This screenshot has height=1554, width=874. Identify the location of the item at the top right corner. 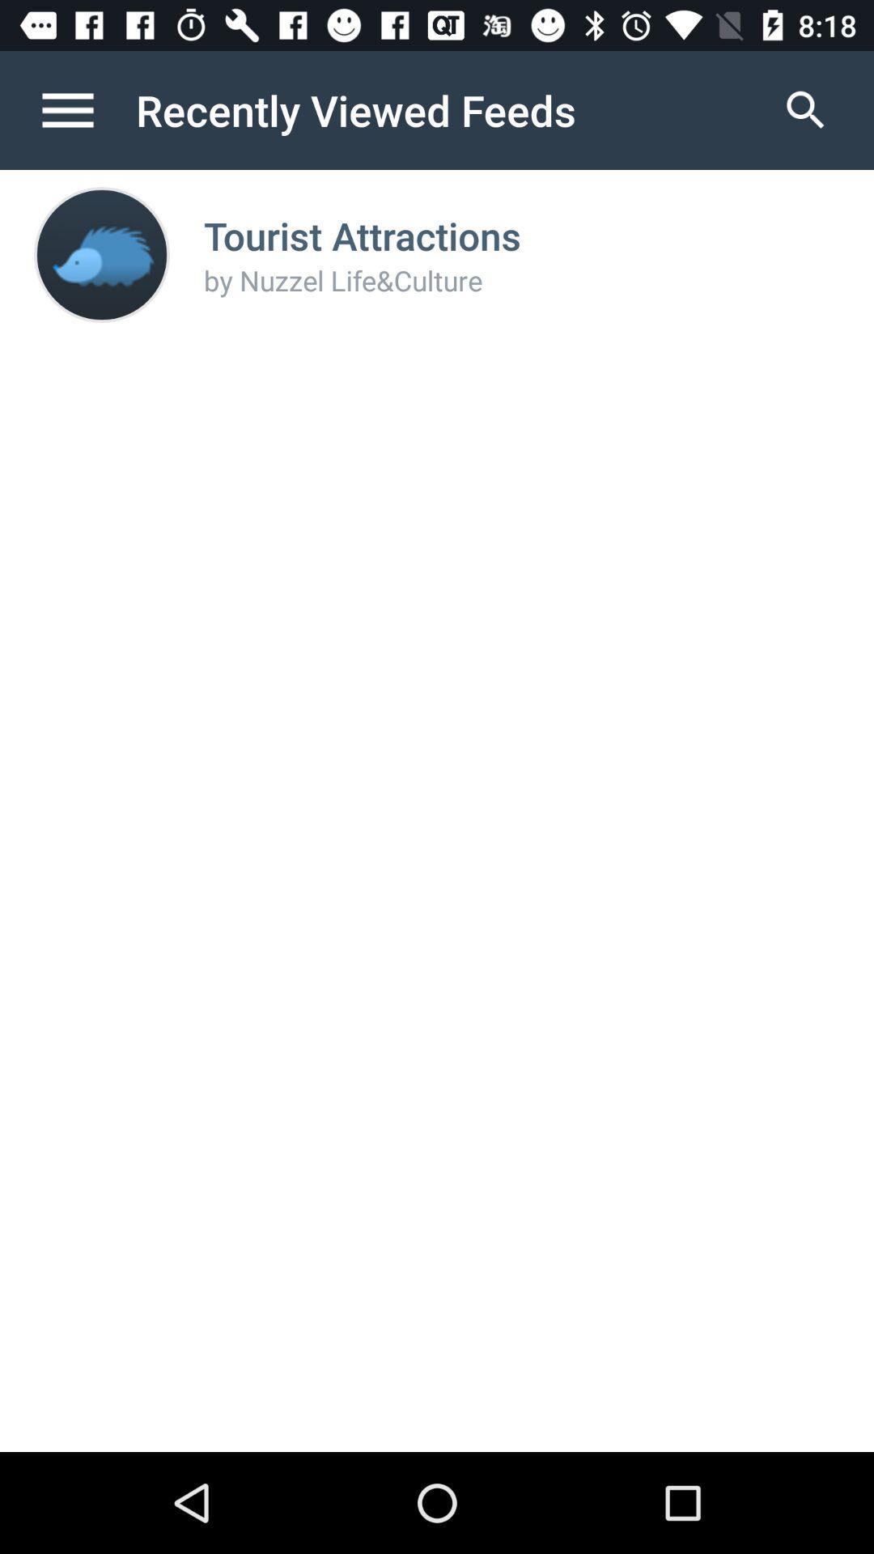
(805, 109).